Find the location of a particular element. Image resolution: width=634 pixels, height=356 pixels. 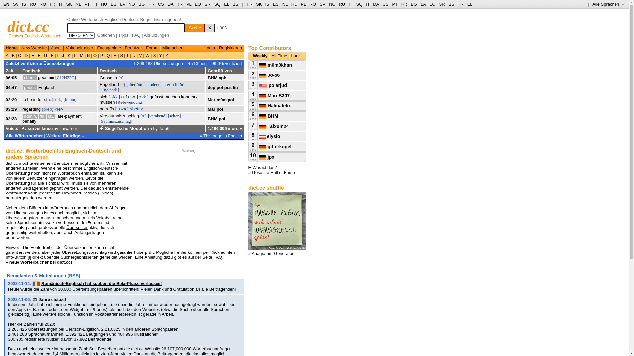

'NL' is located at coordinates (76, 4).